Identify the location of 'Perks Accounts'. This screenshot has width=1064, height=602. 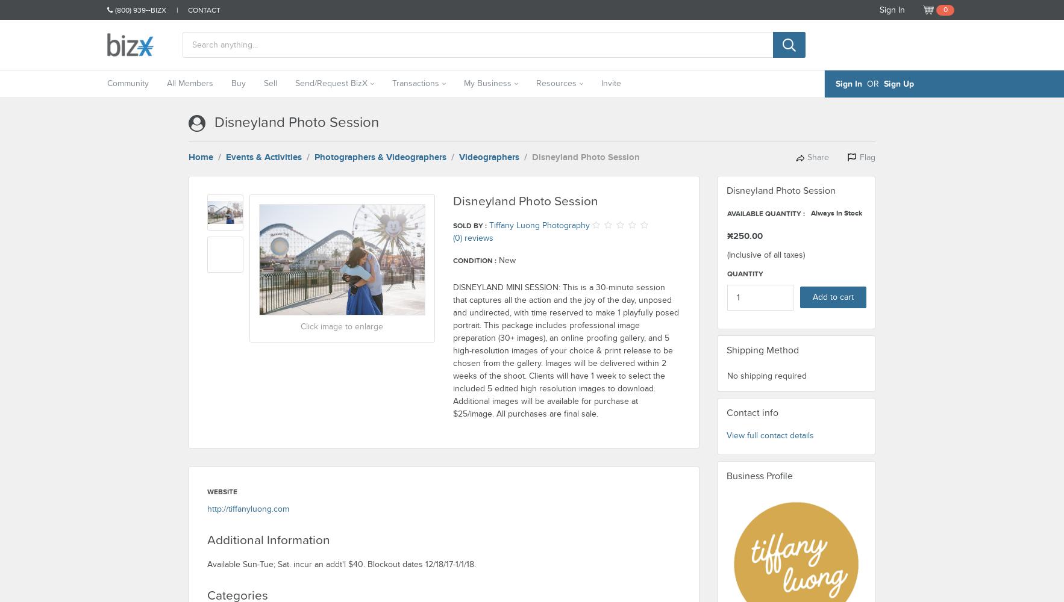
(339, 166).